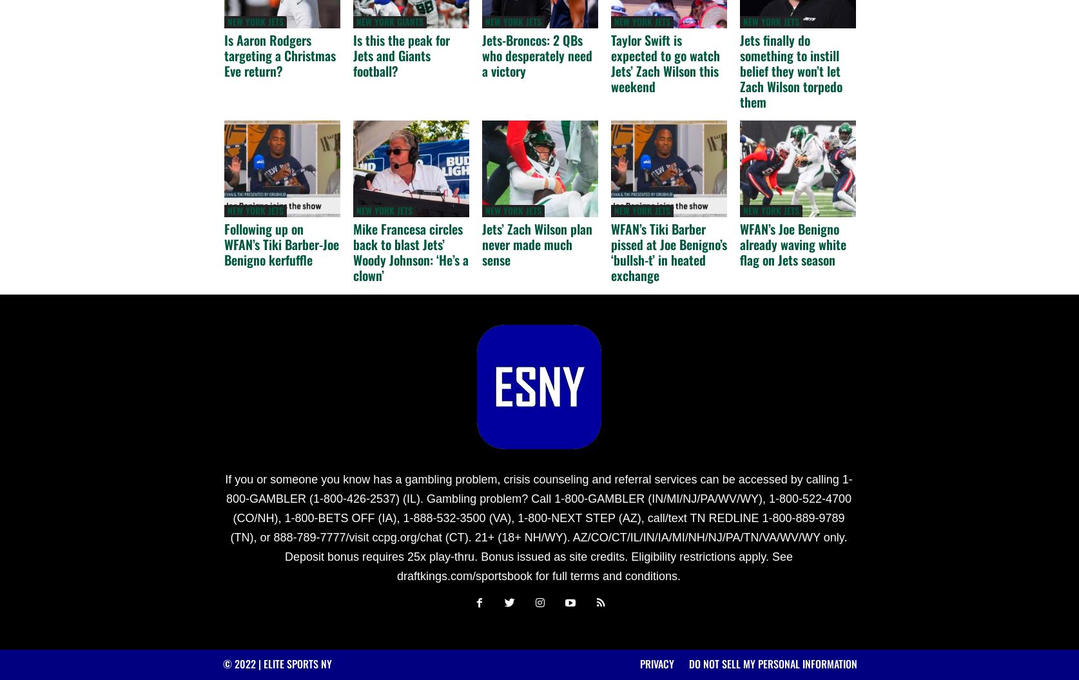 This screenshot has width=1079, height=680. What do you see at coordinates (538, 527) in the screenshot?
I see `'If you or someone you know has a gambling problem, crisis counseling and referral services can be accessed by calling 1-800-GAMBLER (1-800-426-2537) (IL). Gambling problem? Call 1-800-GAMBLER (IN/MI/NJ/PA/WV/WY), 1-800-522-4700 (CO/NH), 1-800-BETS OFF (IA), 1-888-532-3500 (VA), 1-800-NEXT STEP (AZ), call/text TN REDLINE 1-800-889-9789 (TN), or 888-789-7777/visit ccpg.org/chat (CT). 21+ (18+ NH/WY). AZ/CO/CT/IL/IN/IA/MI/NH/NJ/PA/TN/VA/WV/WY only. Deposit bonus requires 25x play-thru. Bonus issued as site credits. Eligibility restrictions apply. See draftkings.com/sportsbook for full terms and conditions.'` at bounding box center [538, 527].